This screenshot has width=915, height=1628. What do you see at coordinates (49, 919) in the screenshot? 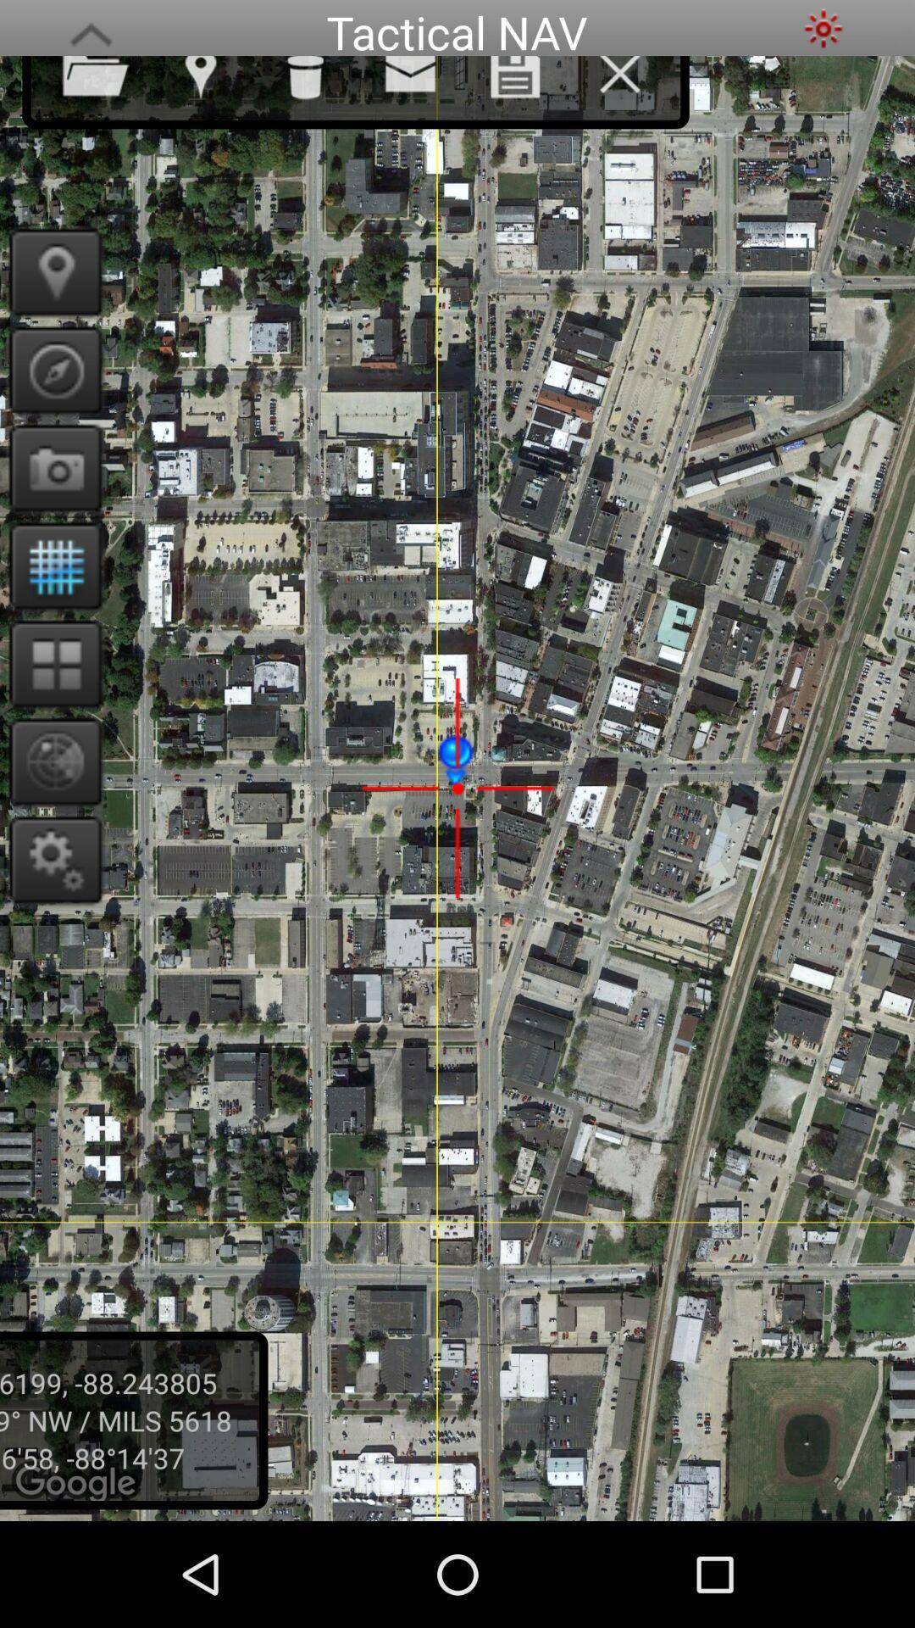
I see `the settings icon` at bounding box center [49, 919].